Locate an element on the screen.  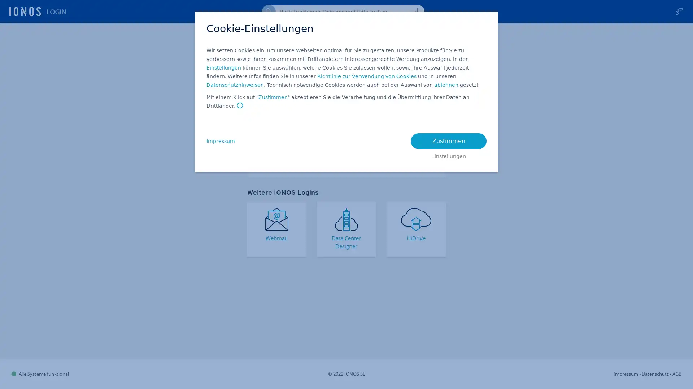
Weiter is located at coordinates (346, 116).